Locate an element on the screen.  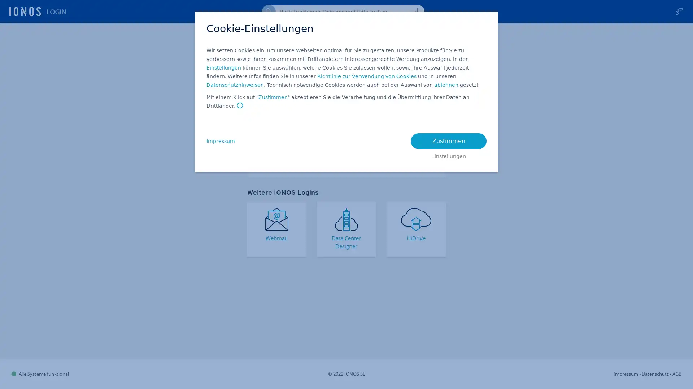
Weiter is located at coordinates (346, 116).